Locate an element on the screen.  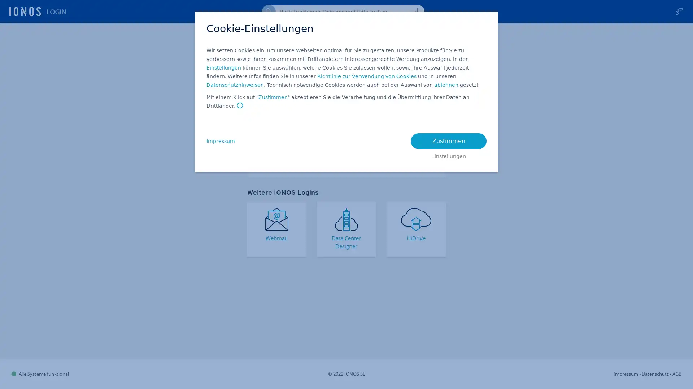
Weiter is located at coordinates (346, 116).